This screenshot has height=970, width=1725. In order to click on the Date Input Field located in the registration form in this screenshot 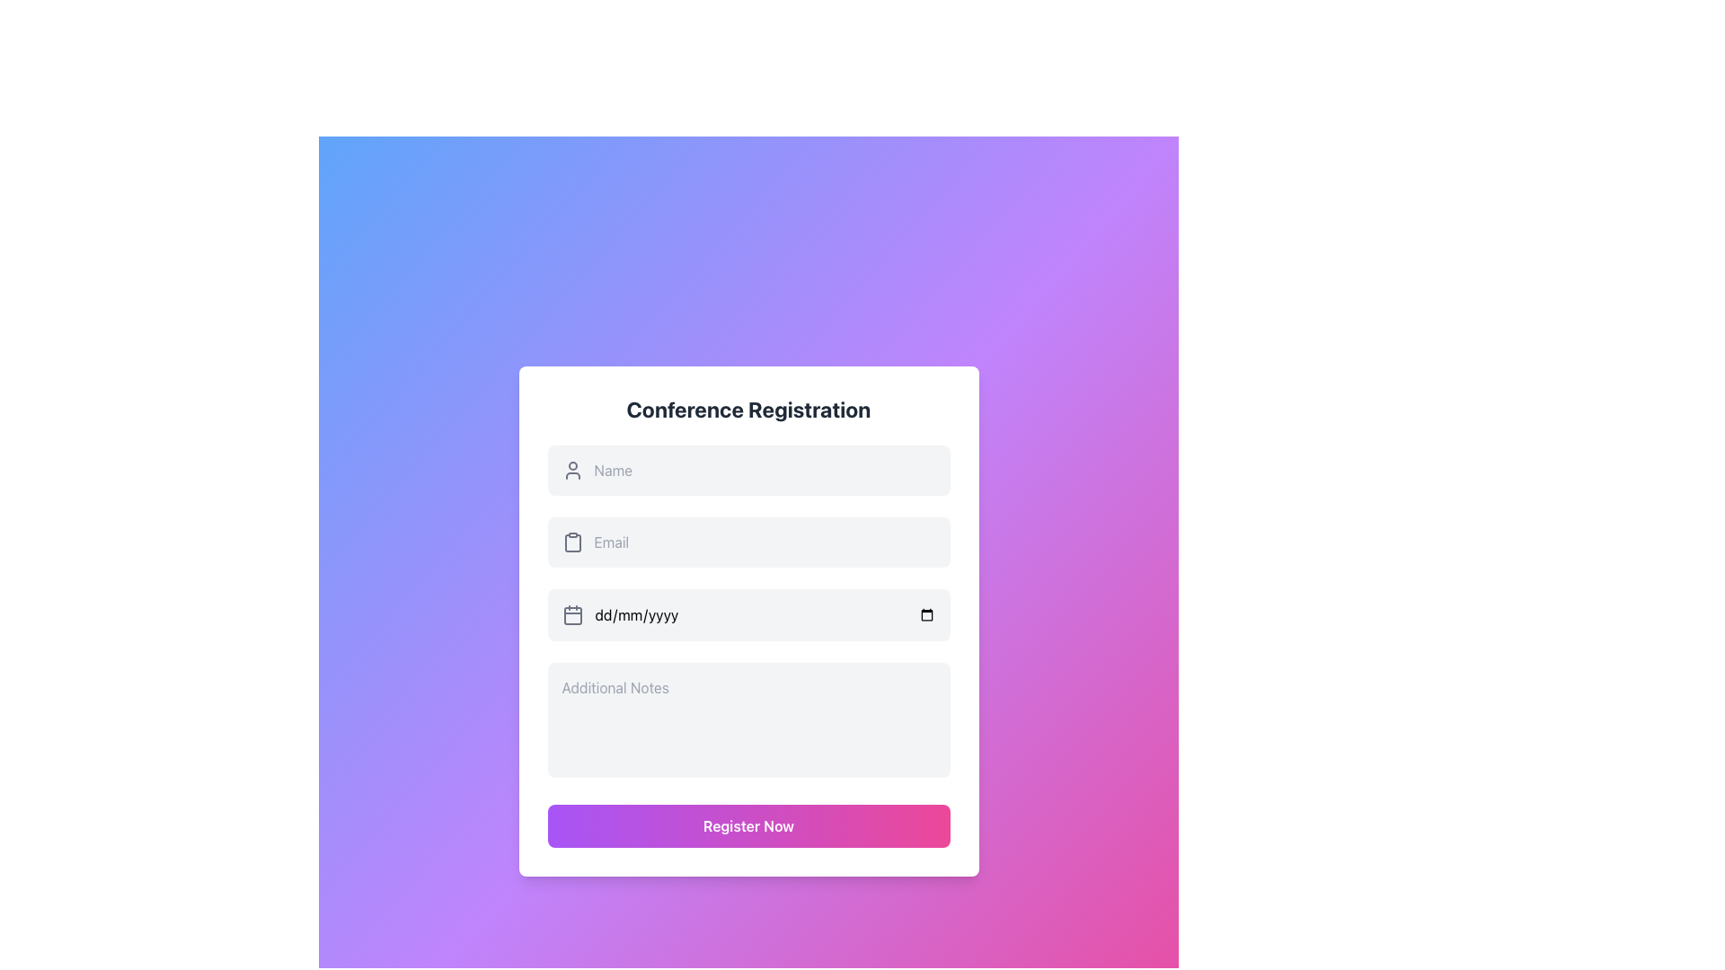, I will do `click(748, 614)`.